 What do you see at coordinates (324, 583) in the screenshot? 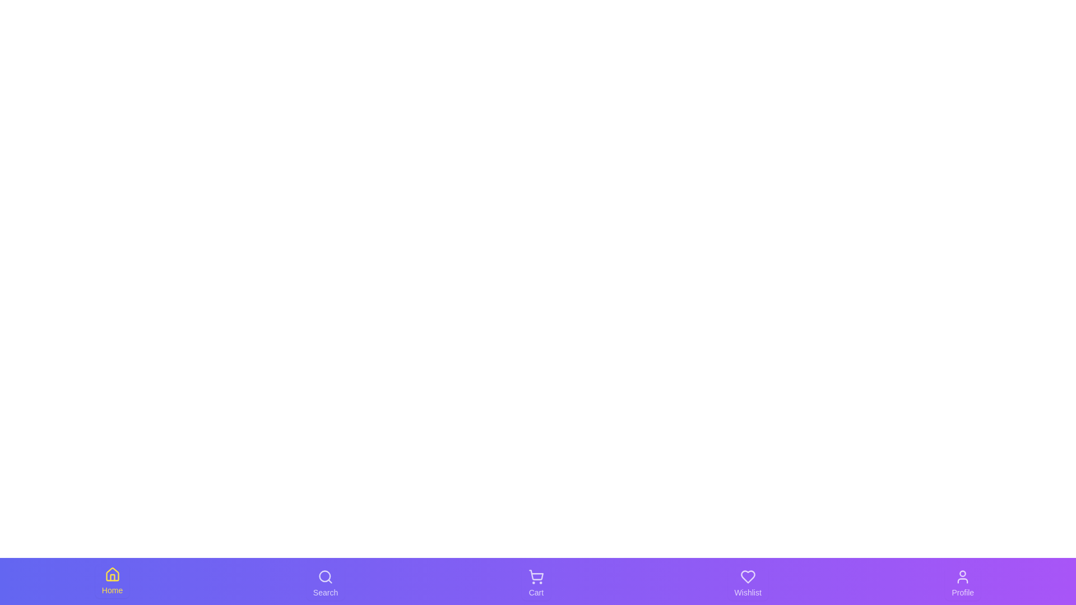
I see `the Search tab to observe its visual feedback` at bounding box center [324, 583].